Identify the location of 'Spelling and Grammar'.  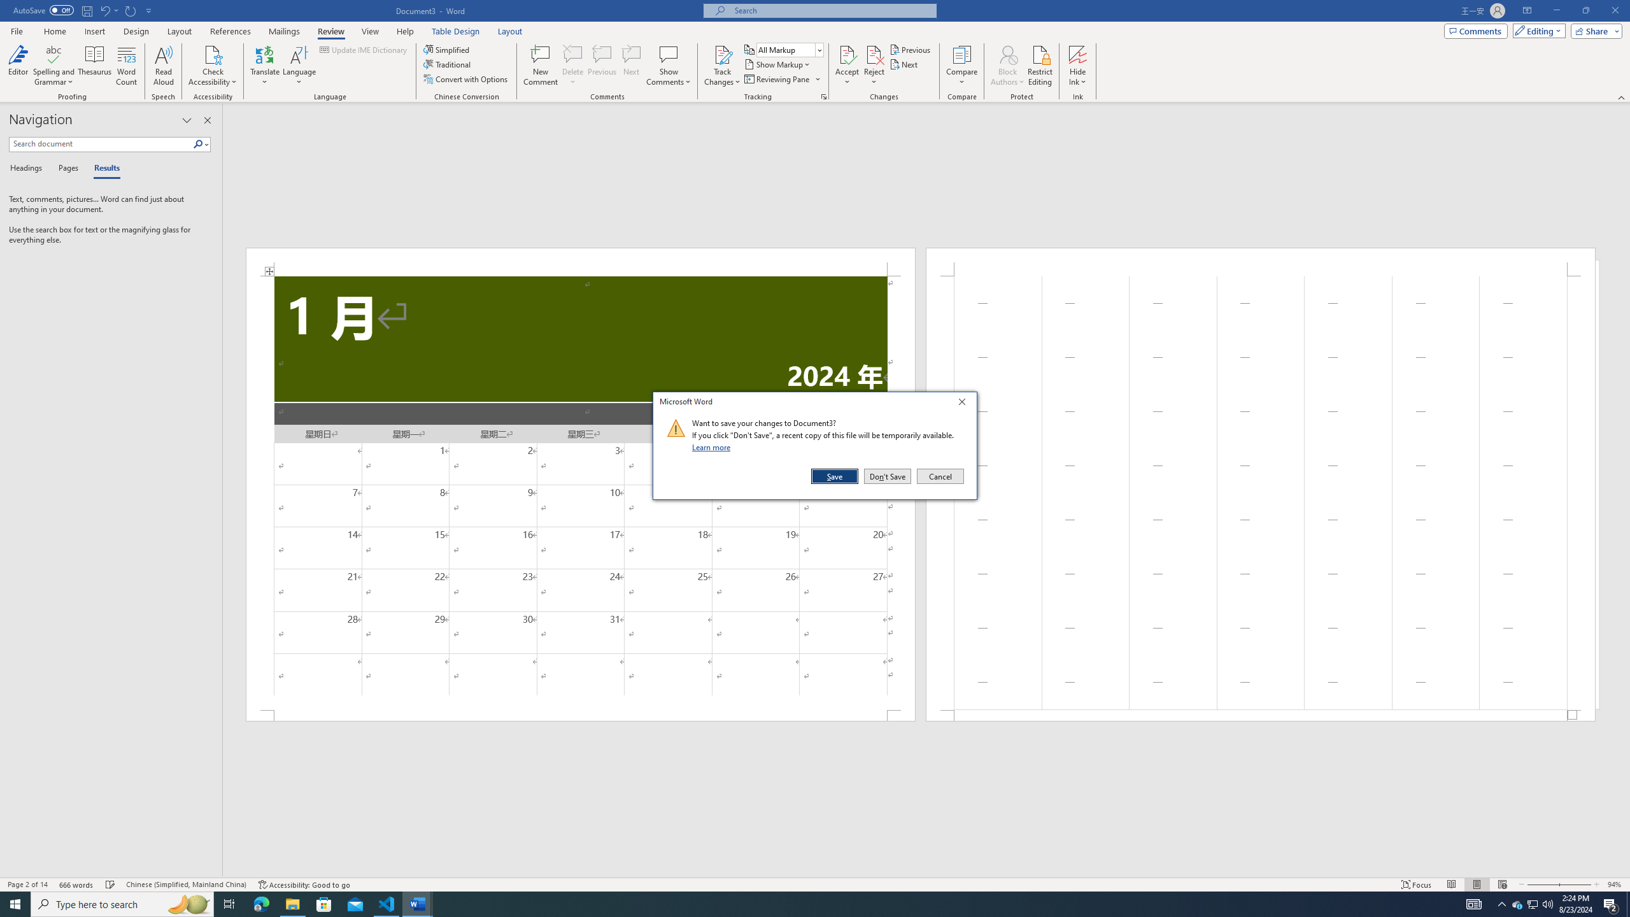
(54, 53).